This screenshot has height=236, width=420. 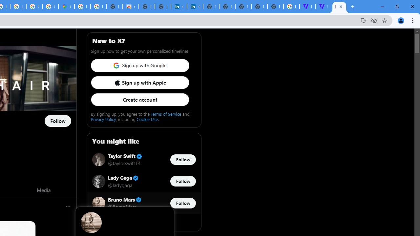 What do you see at coordinates (324, 7) in the screenshot?
I see `'Streaming - The Verge'` at bounding box center [324, 7].